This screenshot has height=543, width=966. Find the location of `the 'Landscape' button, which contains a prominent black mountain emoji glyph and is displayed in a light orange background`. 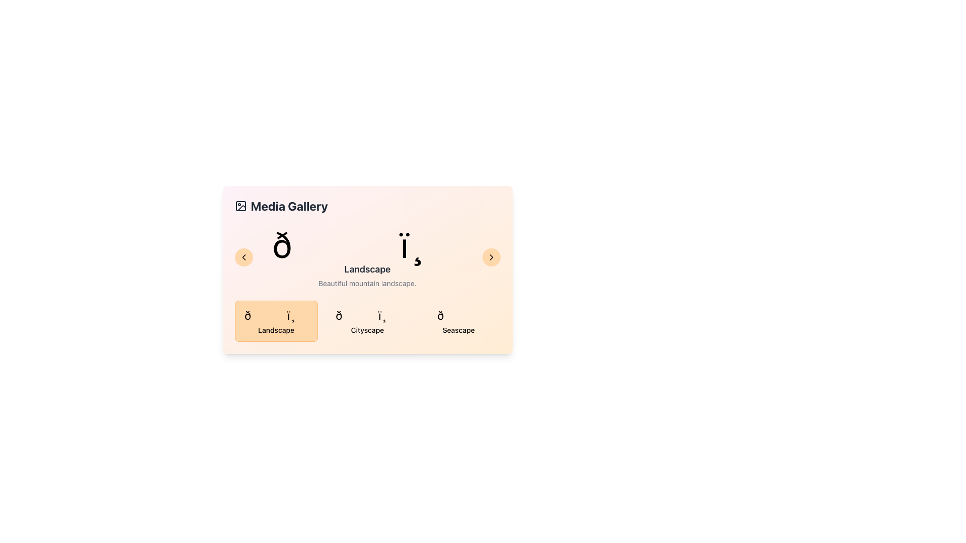

the 'Landscape' button, which contains a prominent black mountain emoji glyph and is displayed in a light orange background is located at coordinates (276, 315).